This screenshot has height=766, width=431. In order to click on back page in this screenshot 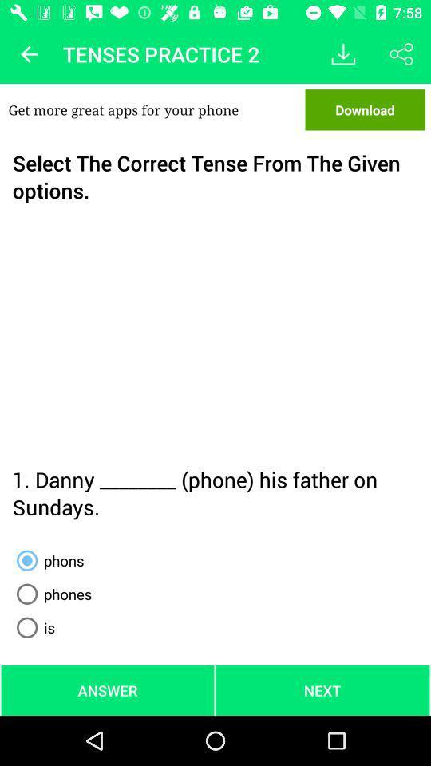, I will do `click(29, 54)`.